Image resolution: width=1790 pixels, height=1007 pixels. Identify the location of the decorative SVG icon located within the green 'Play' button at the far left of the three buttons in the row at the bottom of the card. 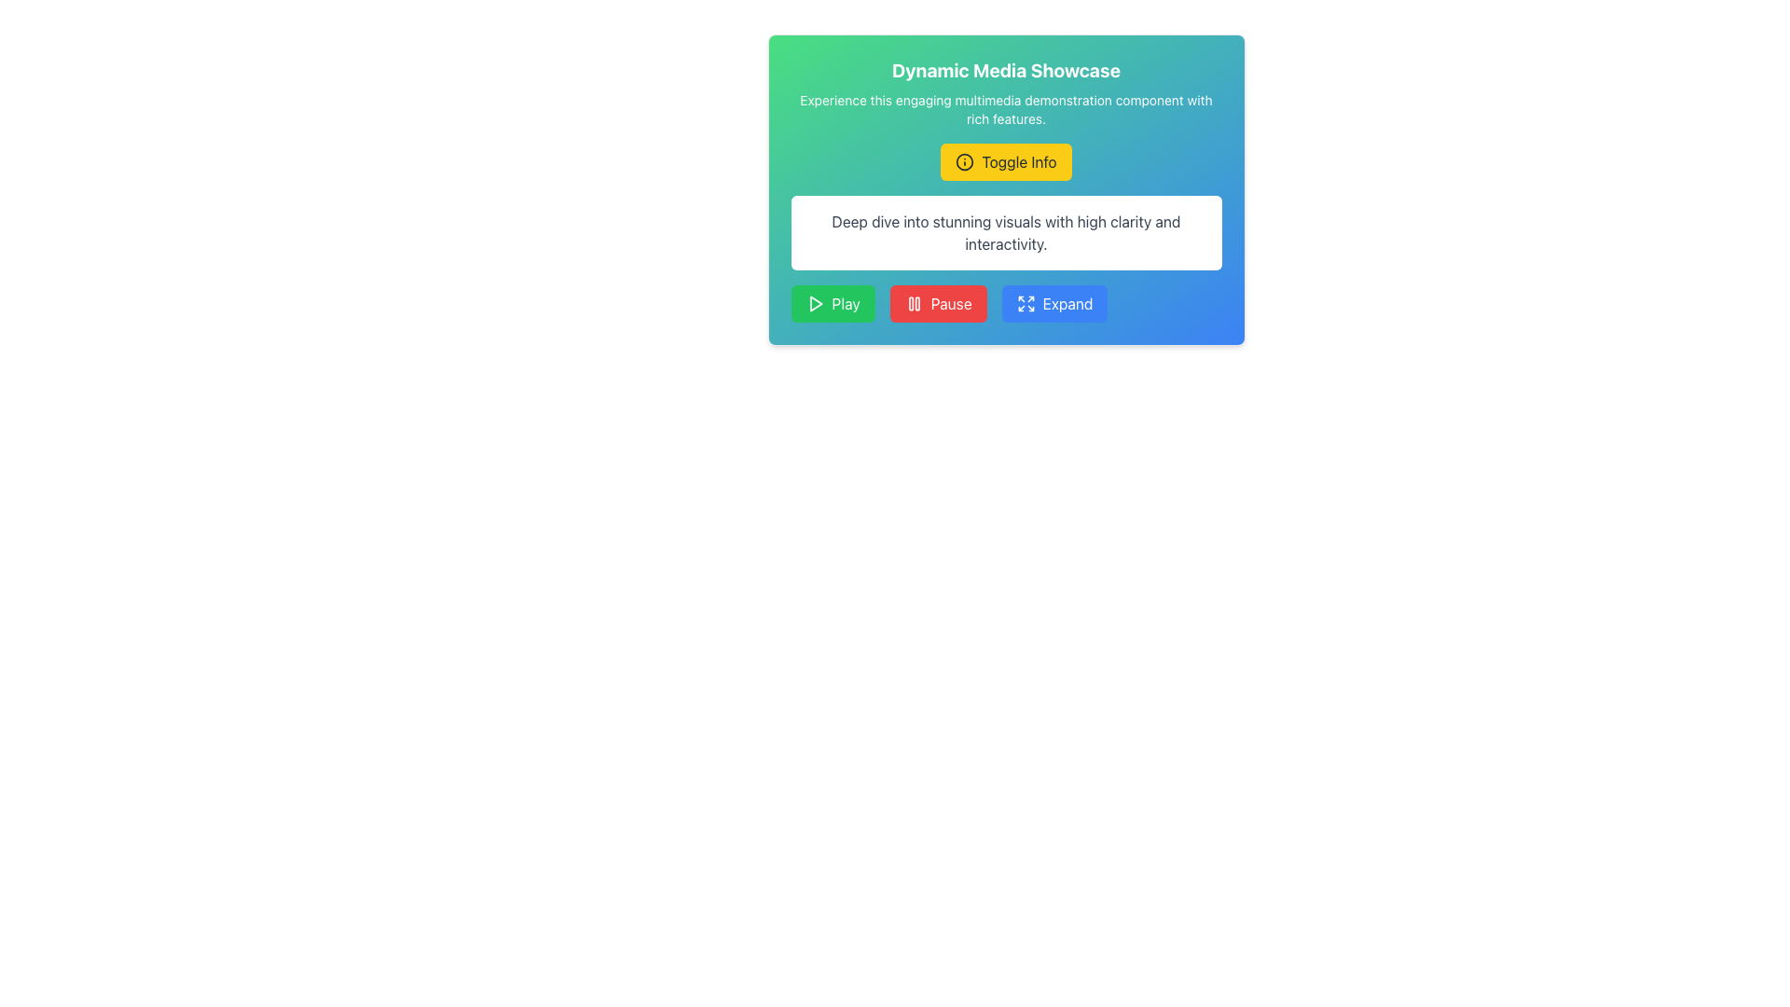
(815, 303).